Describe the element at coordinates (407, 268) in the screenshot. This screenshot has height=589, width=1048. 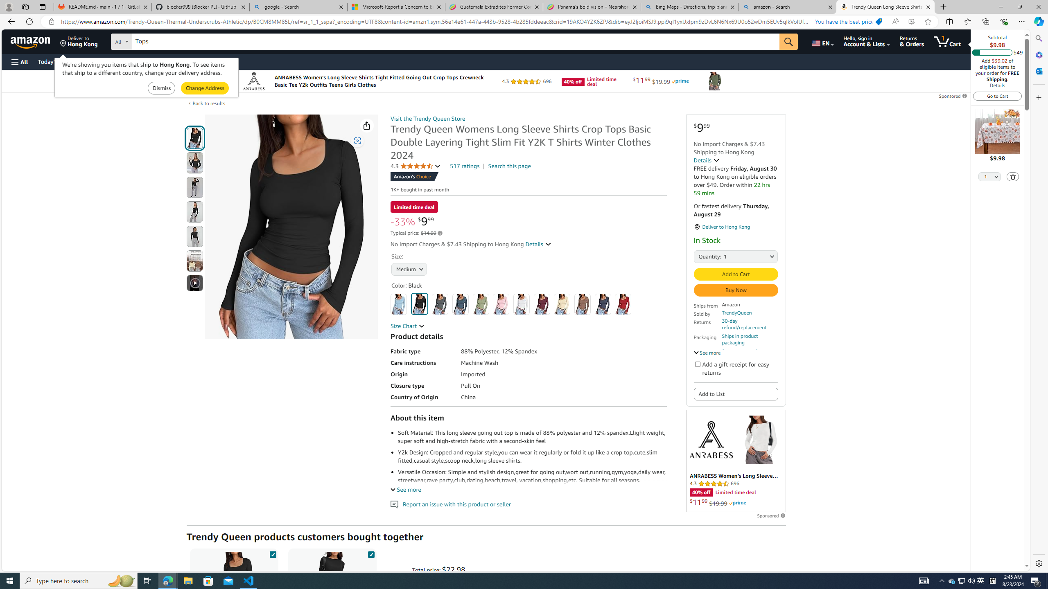
I see `'AutomationID: native_dropdown_selected_size_name'` at that location.